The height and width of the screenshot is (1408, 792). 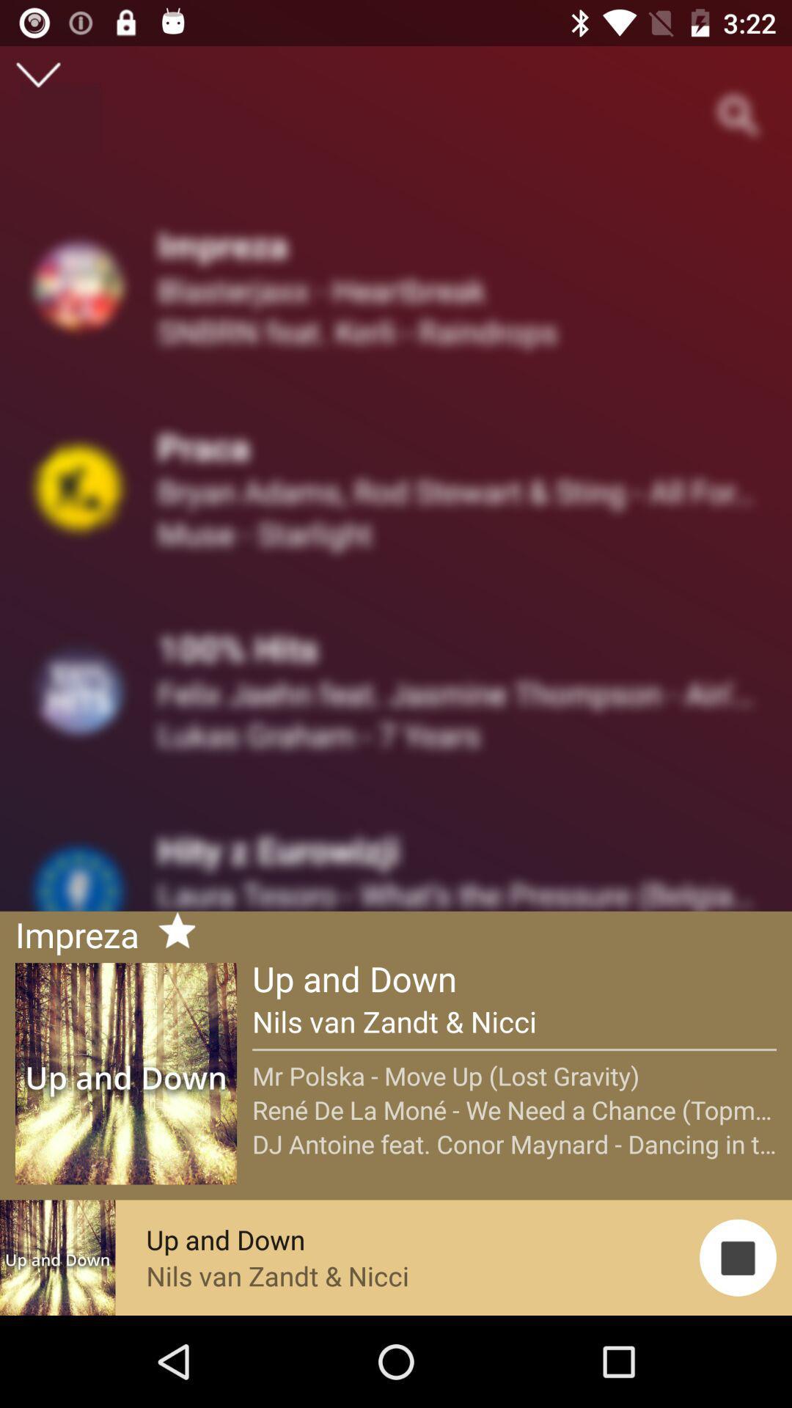 What do you see at coordinates (738, 1257) in the screenshot?
I see `the item at the bottom right corner` at bounding box center [738, 1257].